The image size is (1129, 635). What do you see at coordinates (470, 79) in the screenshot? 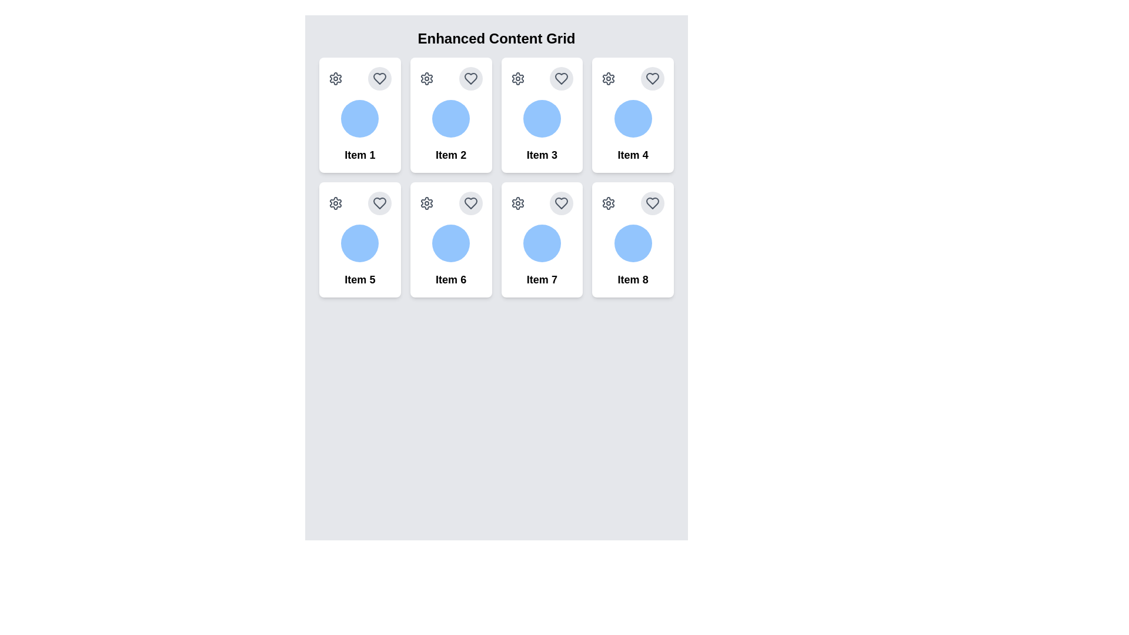
I see `the 'favorite' icon located at the top-right corner of Item 2's card` at bounding box center [470, 79].